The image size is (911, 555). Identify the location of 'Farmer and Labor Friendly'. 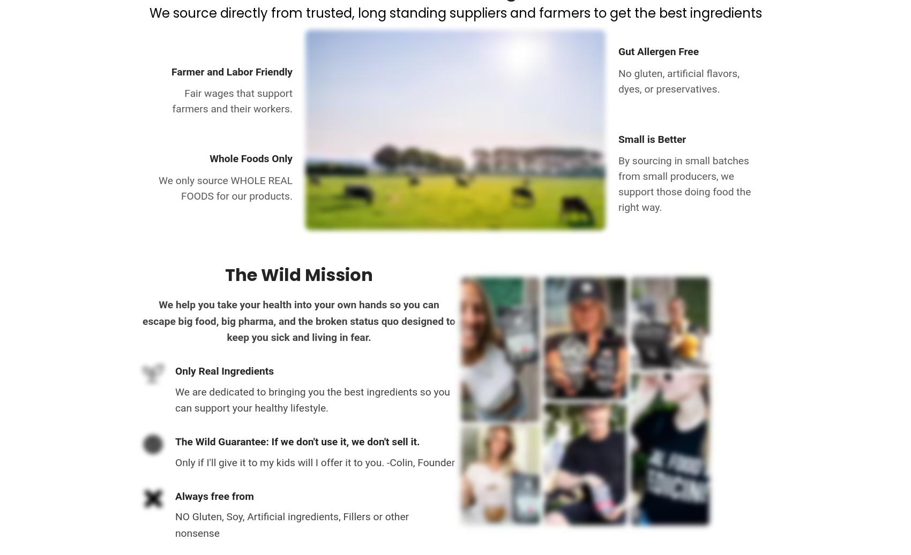
(232, 71).